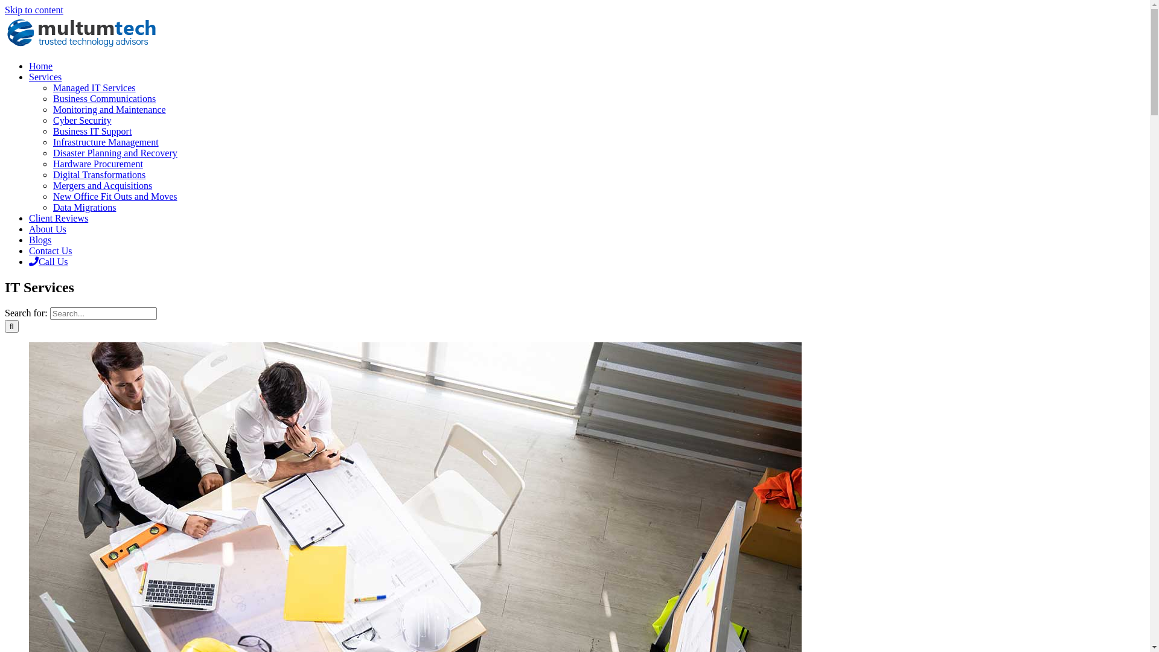 This screenshot has width=1159, height=652. Describe the element at coordinates (92, 131) in the screenshot. I see `'Business IT Support'` at that location.